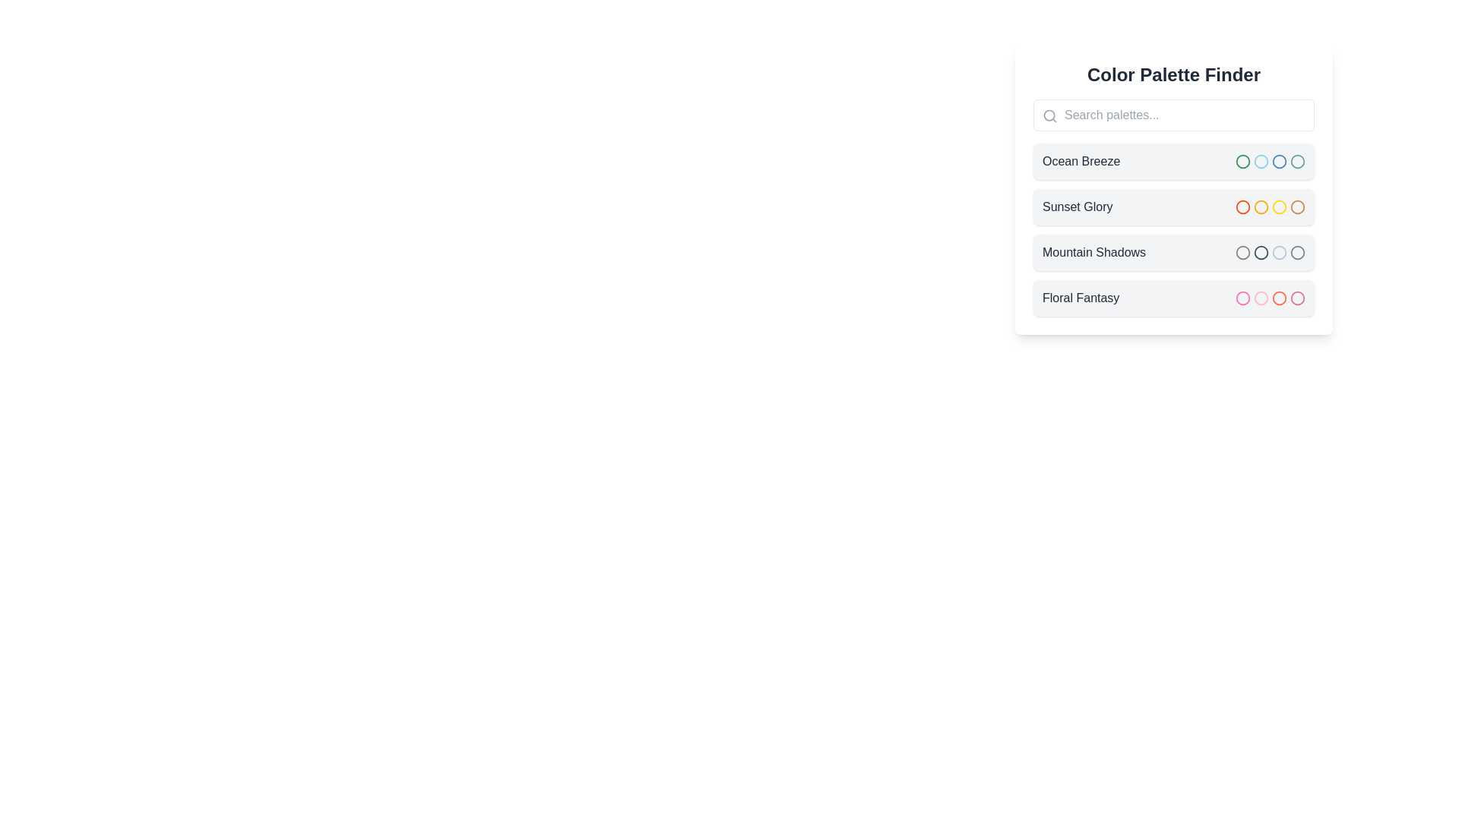  I want to click on an individual group in the color palette list, so click(1173, 230).